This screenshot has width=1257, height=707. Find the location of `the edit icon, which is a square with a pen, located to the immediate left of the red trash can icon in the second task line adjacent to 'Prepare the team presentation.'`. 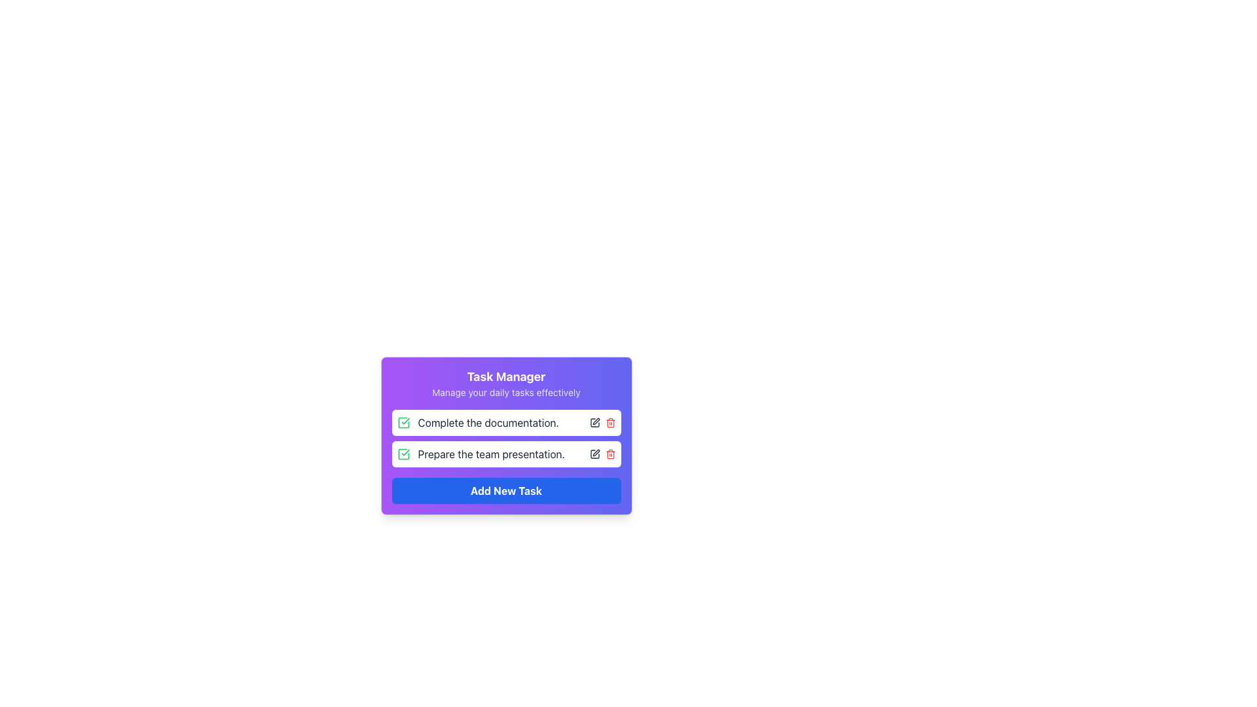

the edit icon, which is a square with a pen, located to the immediate left of the red trash can icon in the second task line adjacent to 'Prepare the team presentation.' is located at coordinates (594, 454).